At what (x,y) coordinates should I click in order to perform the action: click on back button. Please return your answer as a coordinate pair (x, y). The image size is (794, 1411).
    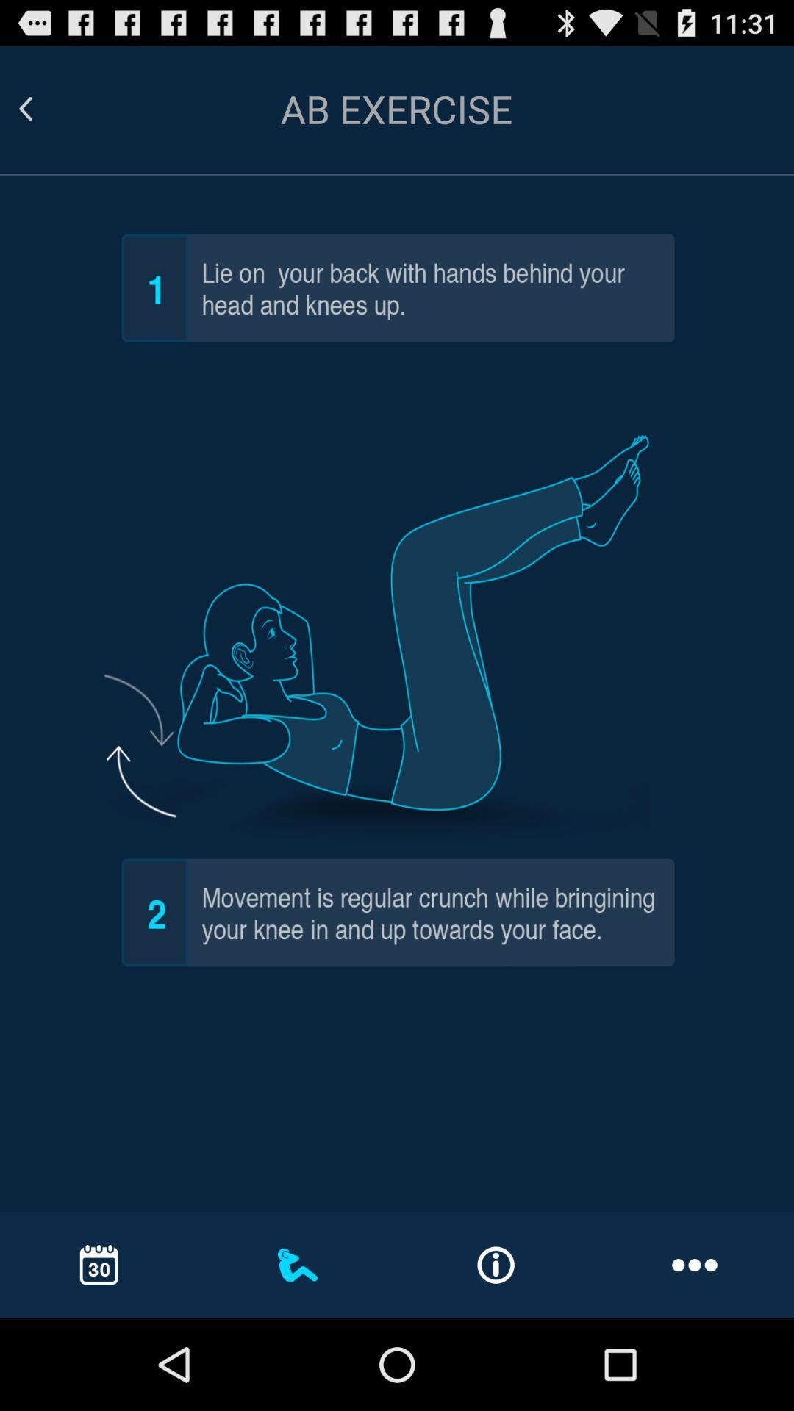
    Looking at the image, I should click on (43, 108).